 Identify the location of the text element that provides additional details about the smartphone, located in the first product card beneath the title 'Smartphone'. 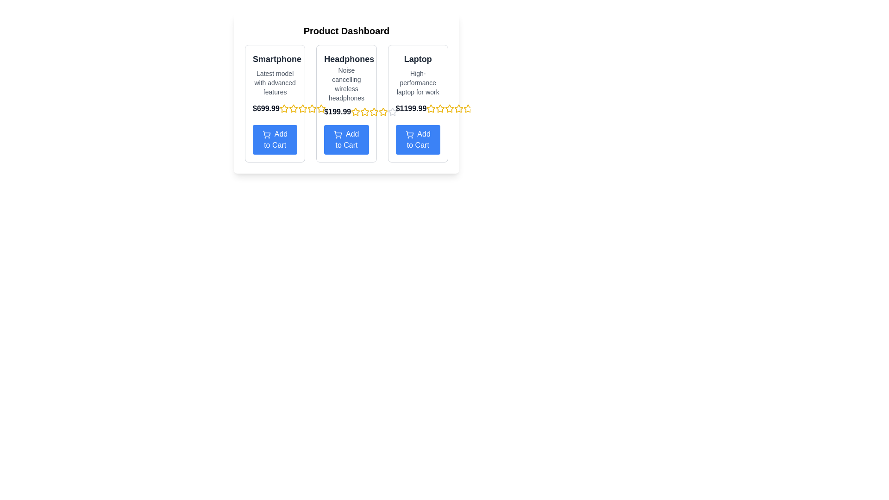
(275, 82).